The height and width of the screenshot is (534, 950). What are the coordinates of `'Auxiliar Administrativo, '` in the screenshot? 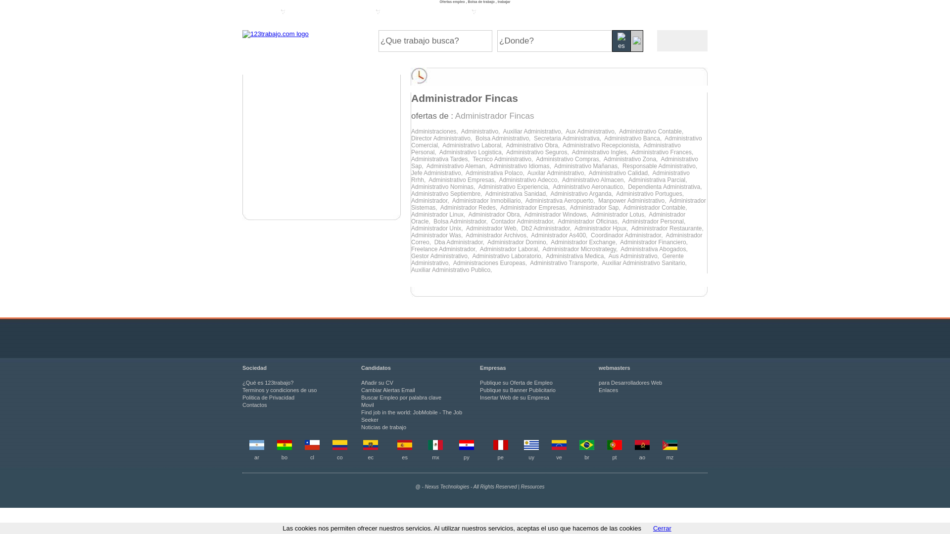 It's located at (533, 131).